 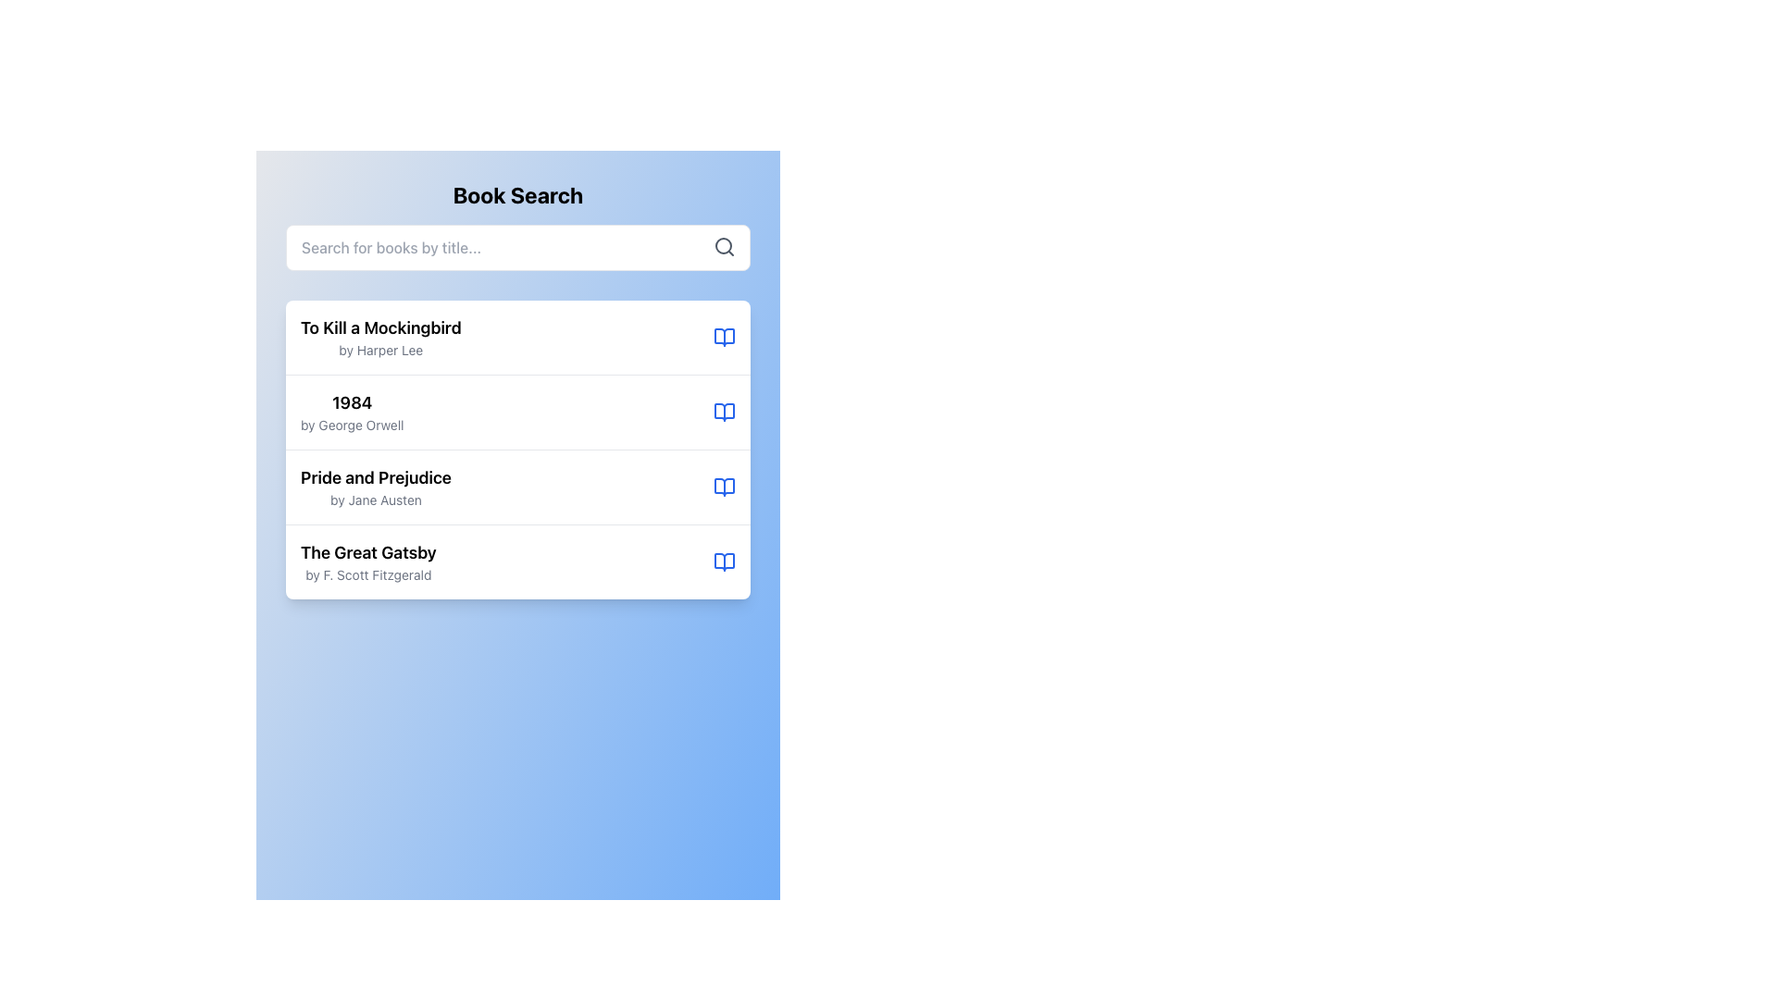 What do you see at coordinates (723, 487) in the screenshot?
I see `the book icon representing 'Pride and Prejudice' located at the rightmost end of the row containing the text 'Pride and Prejudice by Jane Austen'` at bounding box center [723, 487].